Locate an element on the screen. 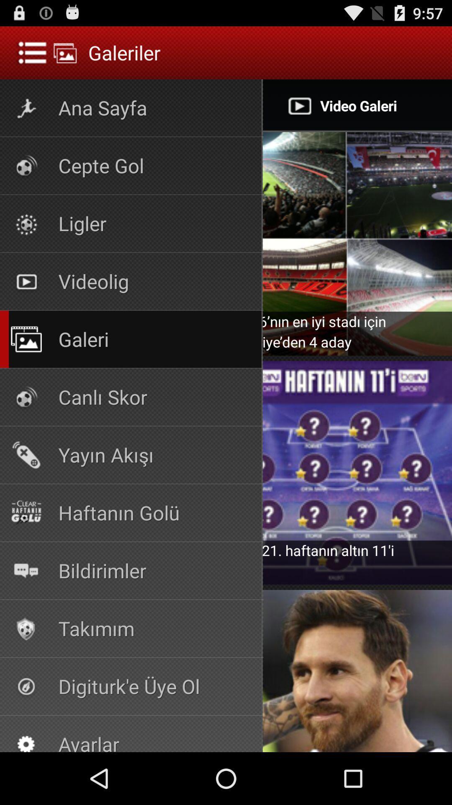 This screenshot has height=805, width=452. the icon left of ligler is located at coordinates (26, 223).